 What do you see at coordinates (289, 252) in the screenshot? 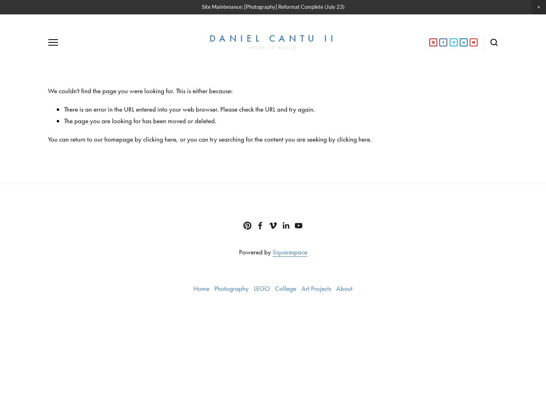
I see `'Squarespace'` at bounding box center [289, 252].